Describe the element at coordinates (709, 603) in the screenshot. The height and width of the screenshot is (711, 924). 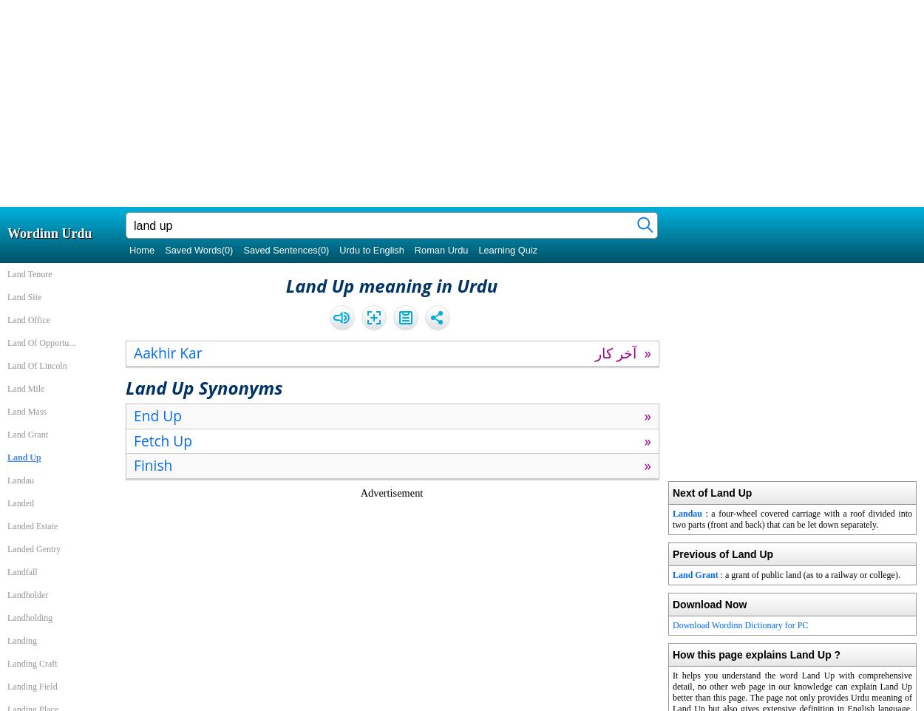
I see `'Download Now'` at that location.